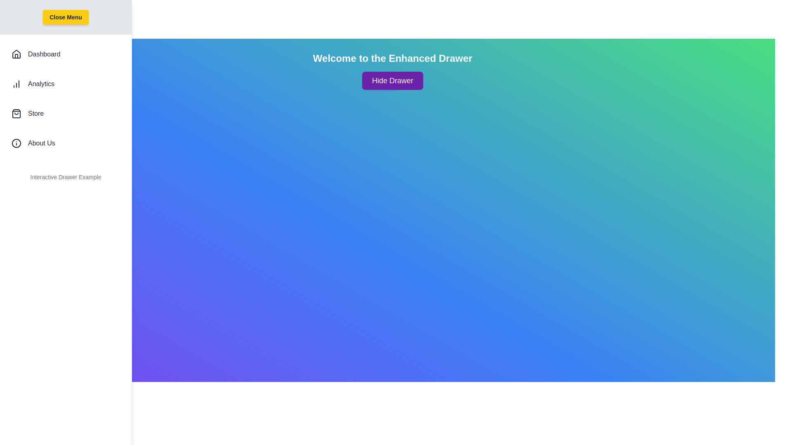 The image size is (792, 445). I want to click on the text 'Welcome to the Enhanced Drawer', so click(392, 58).